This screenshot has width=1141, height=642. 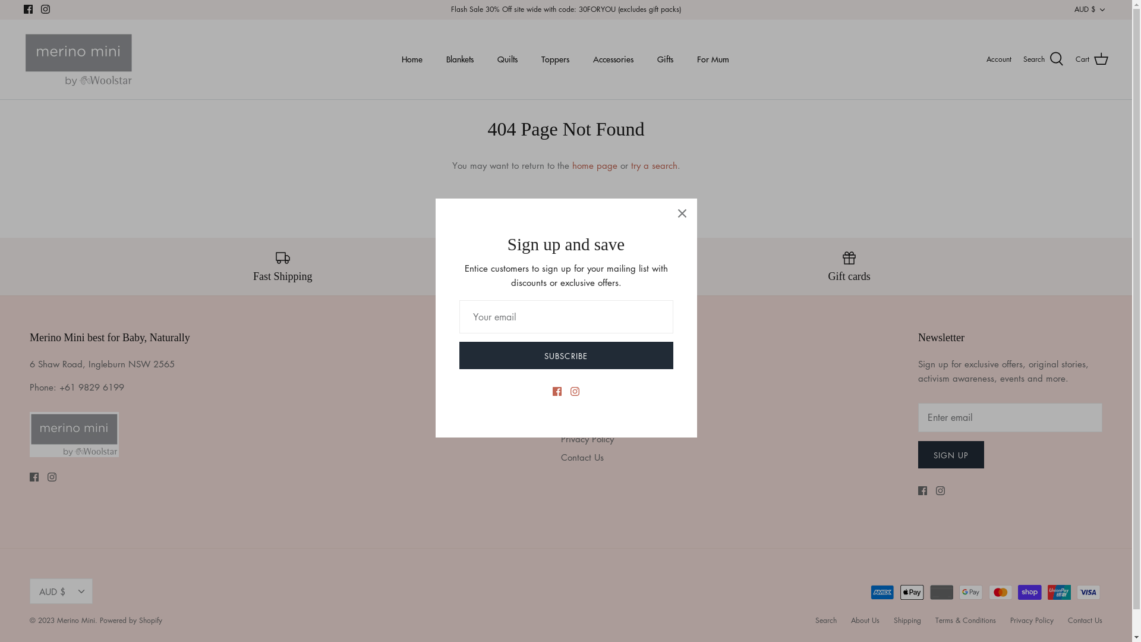 What do you see at coordinates (458, 59) in the screenshot?
I see `'Blankets'` at bounding box center [458, 59].